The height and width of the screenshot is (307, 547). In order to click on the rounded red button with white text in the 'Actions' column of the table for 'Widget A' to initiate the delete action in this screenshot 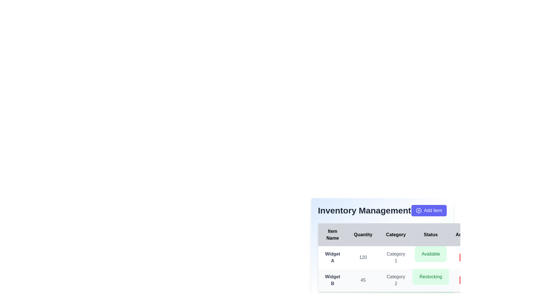, I will do `click(464, 258)`.